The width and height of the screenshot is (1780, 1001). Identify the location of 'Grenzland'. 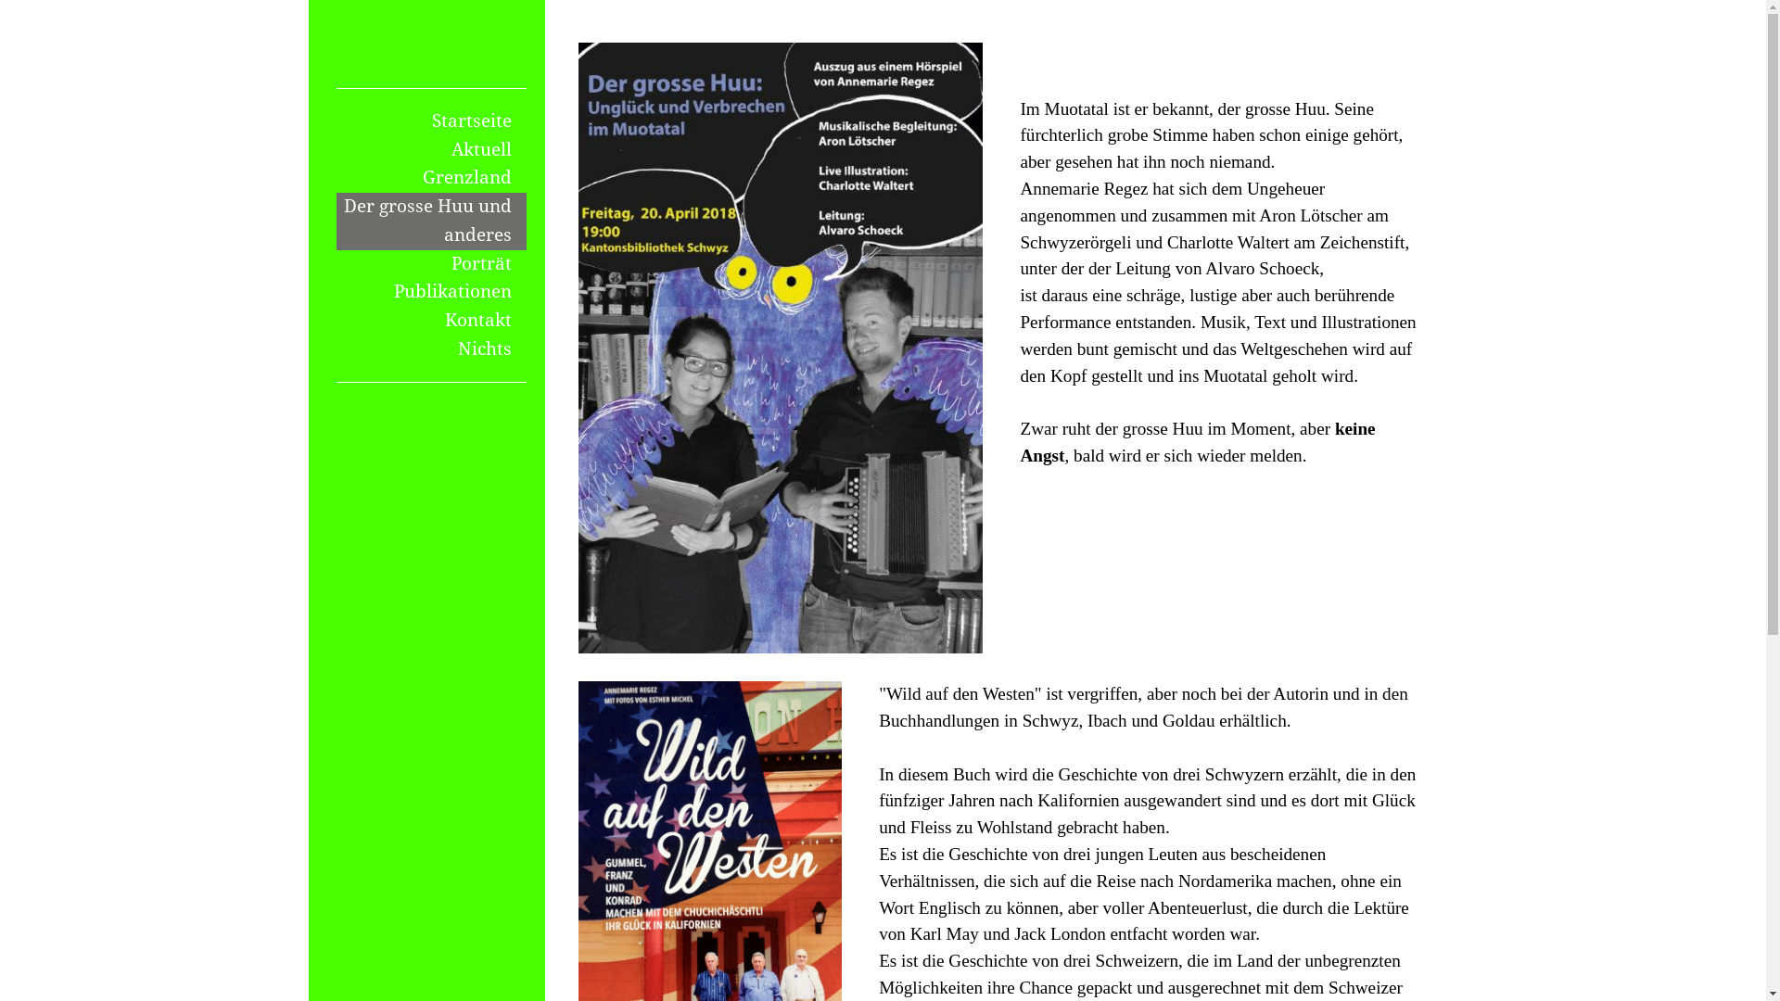
(430, 178).